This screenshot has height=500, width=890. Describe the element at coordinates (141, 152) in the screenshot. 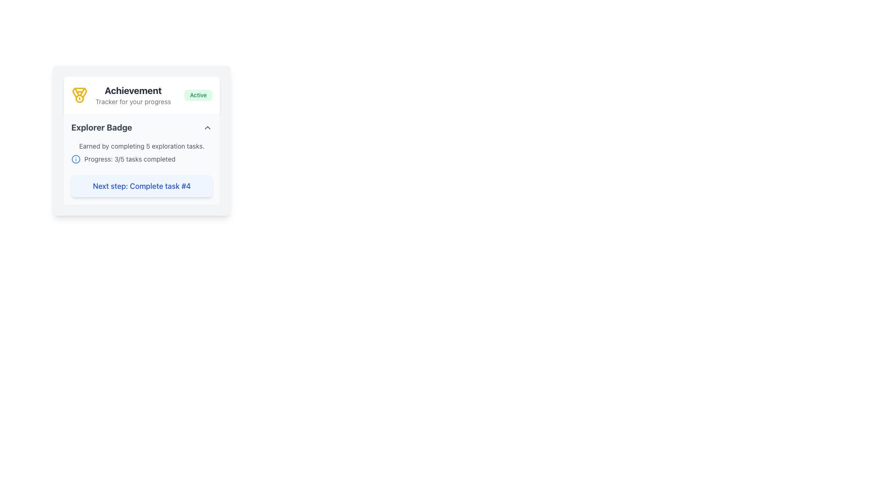

I see `the Text Description Component that indicates progress for exploration tasks, which includes the text 'Earned by completing 5 exploration tasks.' and 'Progress: 3/5 tasks completed'` at that location.